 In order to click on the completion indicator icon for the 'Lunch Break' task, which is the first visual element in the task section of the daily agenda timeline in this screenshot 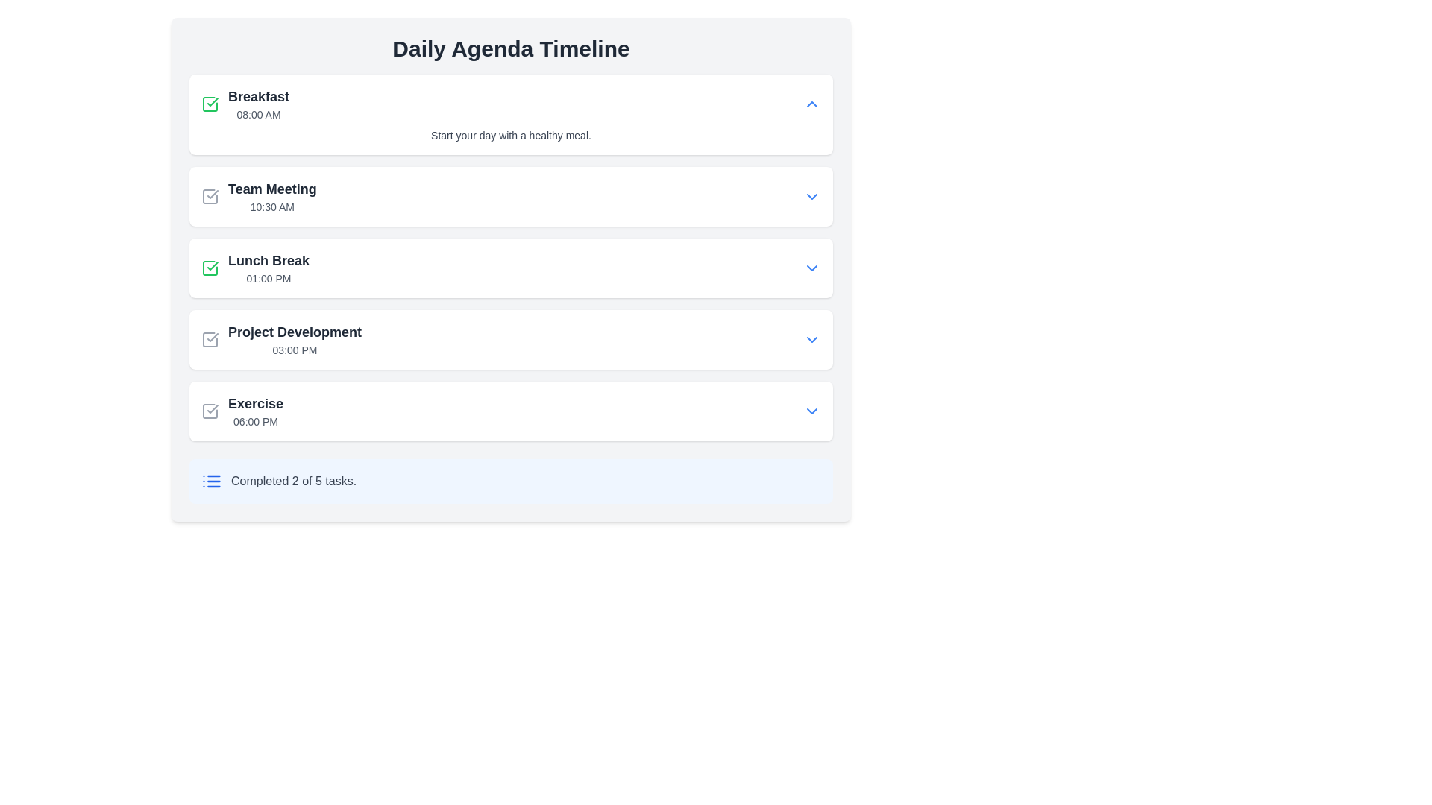, I will do `click(210, 267)`.